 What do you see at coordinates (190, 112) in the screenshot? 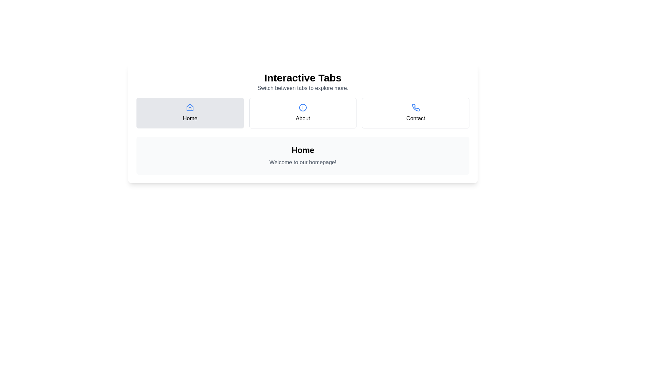
I see `the Home tab by clicking on it` at bounding box center [190, 112].